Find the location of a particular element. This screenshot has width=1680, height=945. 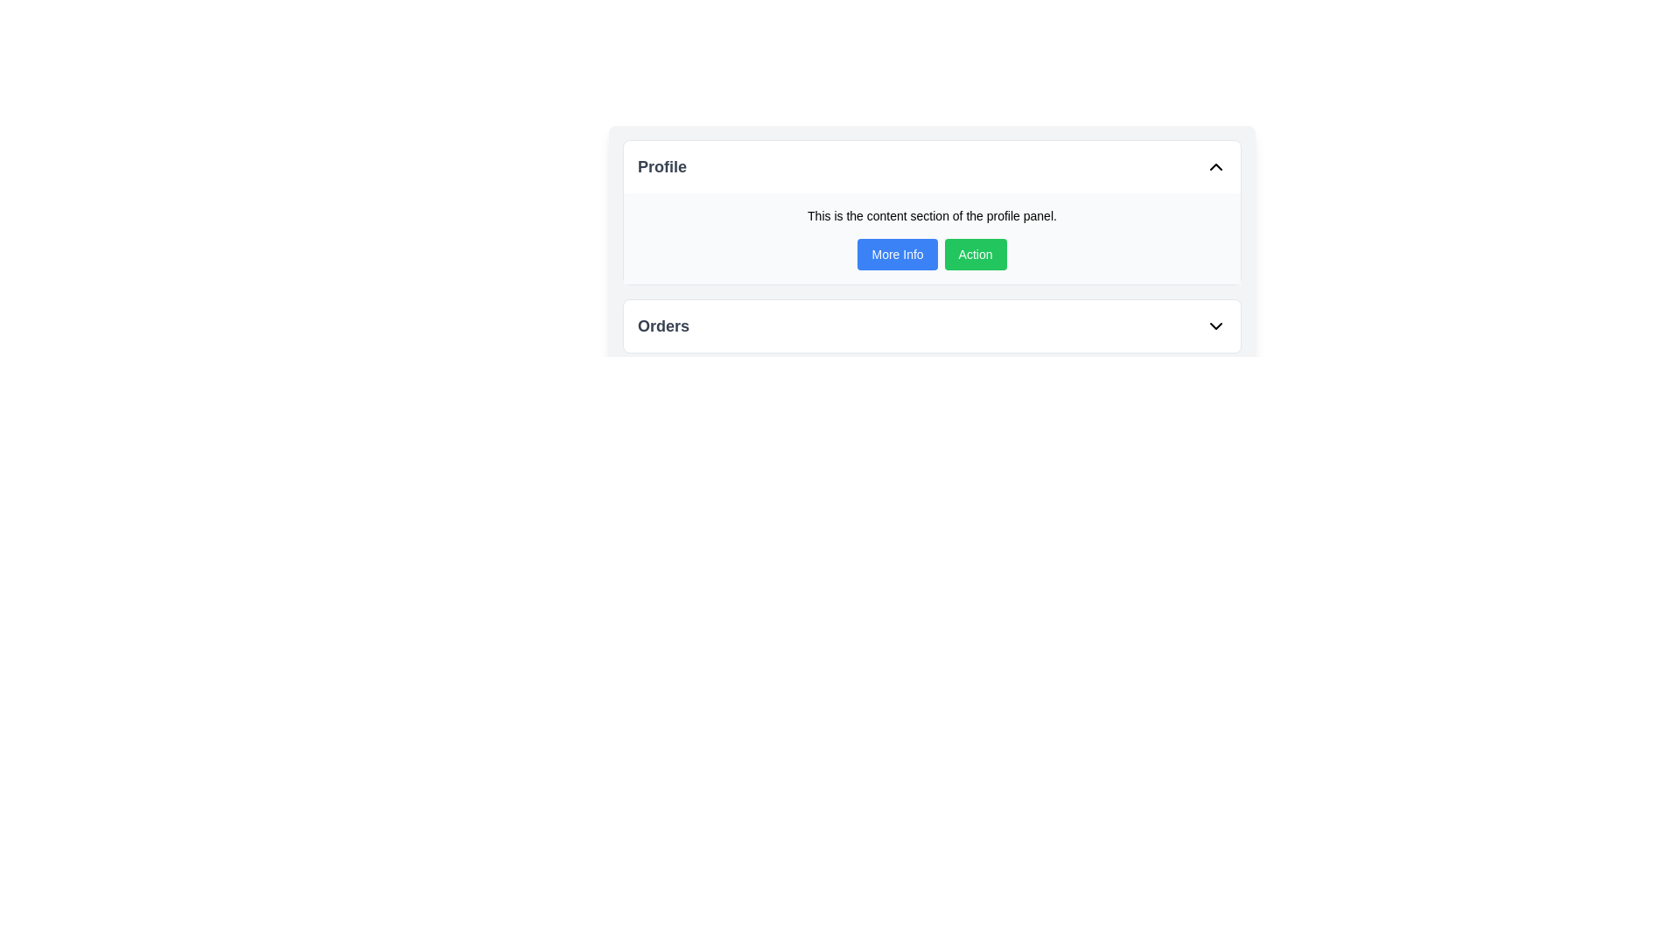

the small upward-pointing black chevron icon located on the far right side of the 'Profile' section header is located at coordinates (1215, 167).